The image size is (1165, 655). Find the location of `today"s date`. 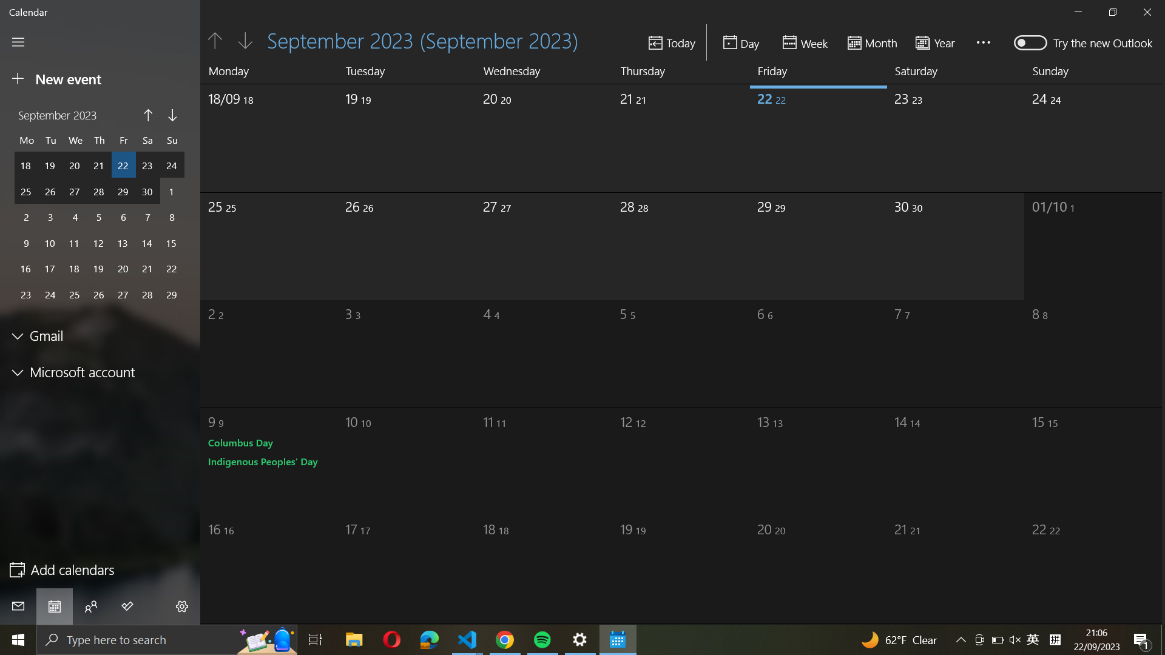

today"s date is located at coordinates (672, 42).